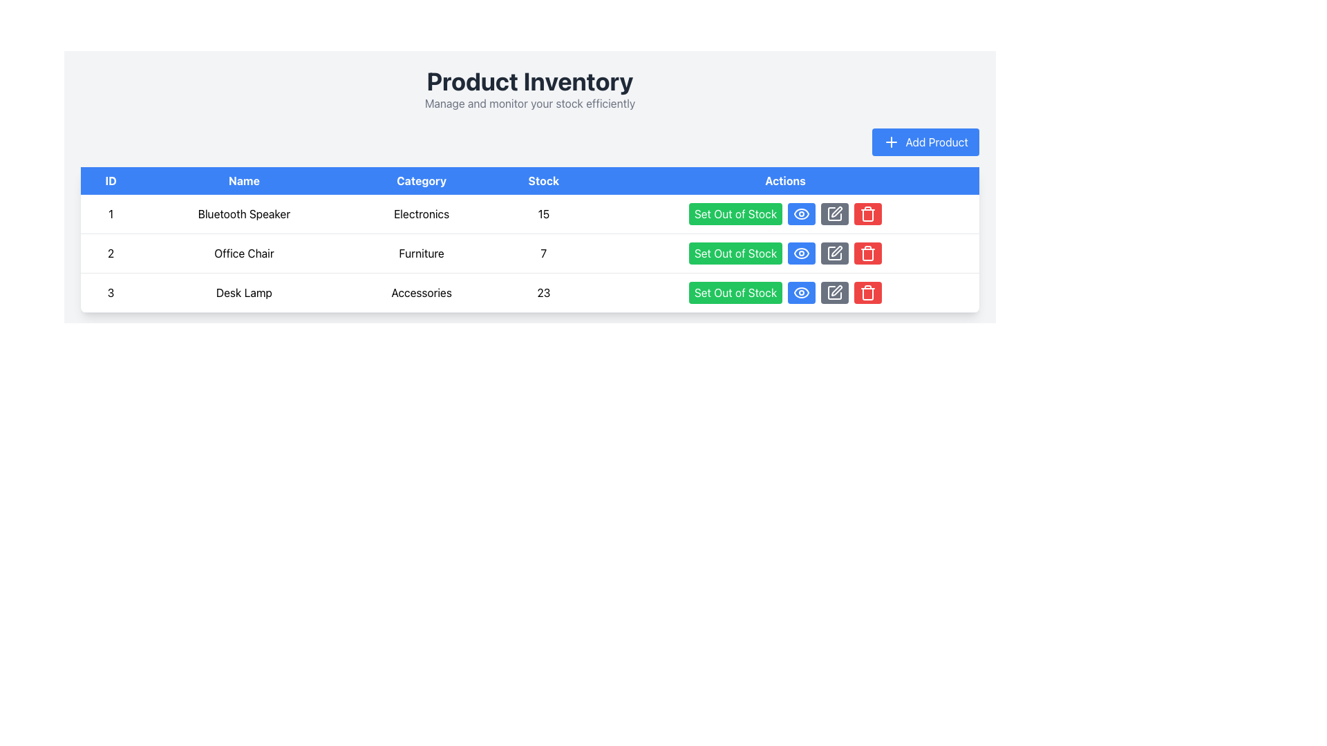 Image resolution: width=1327 pixels, height=746 pixels. I want to click on the dark gray button with rounded corners featuring a white pen icon, which is the third action button for the 'Office Chair' item in the inventory list, so click(834, 253).